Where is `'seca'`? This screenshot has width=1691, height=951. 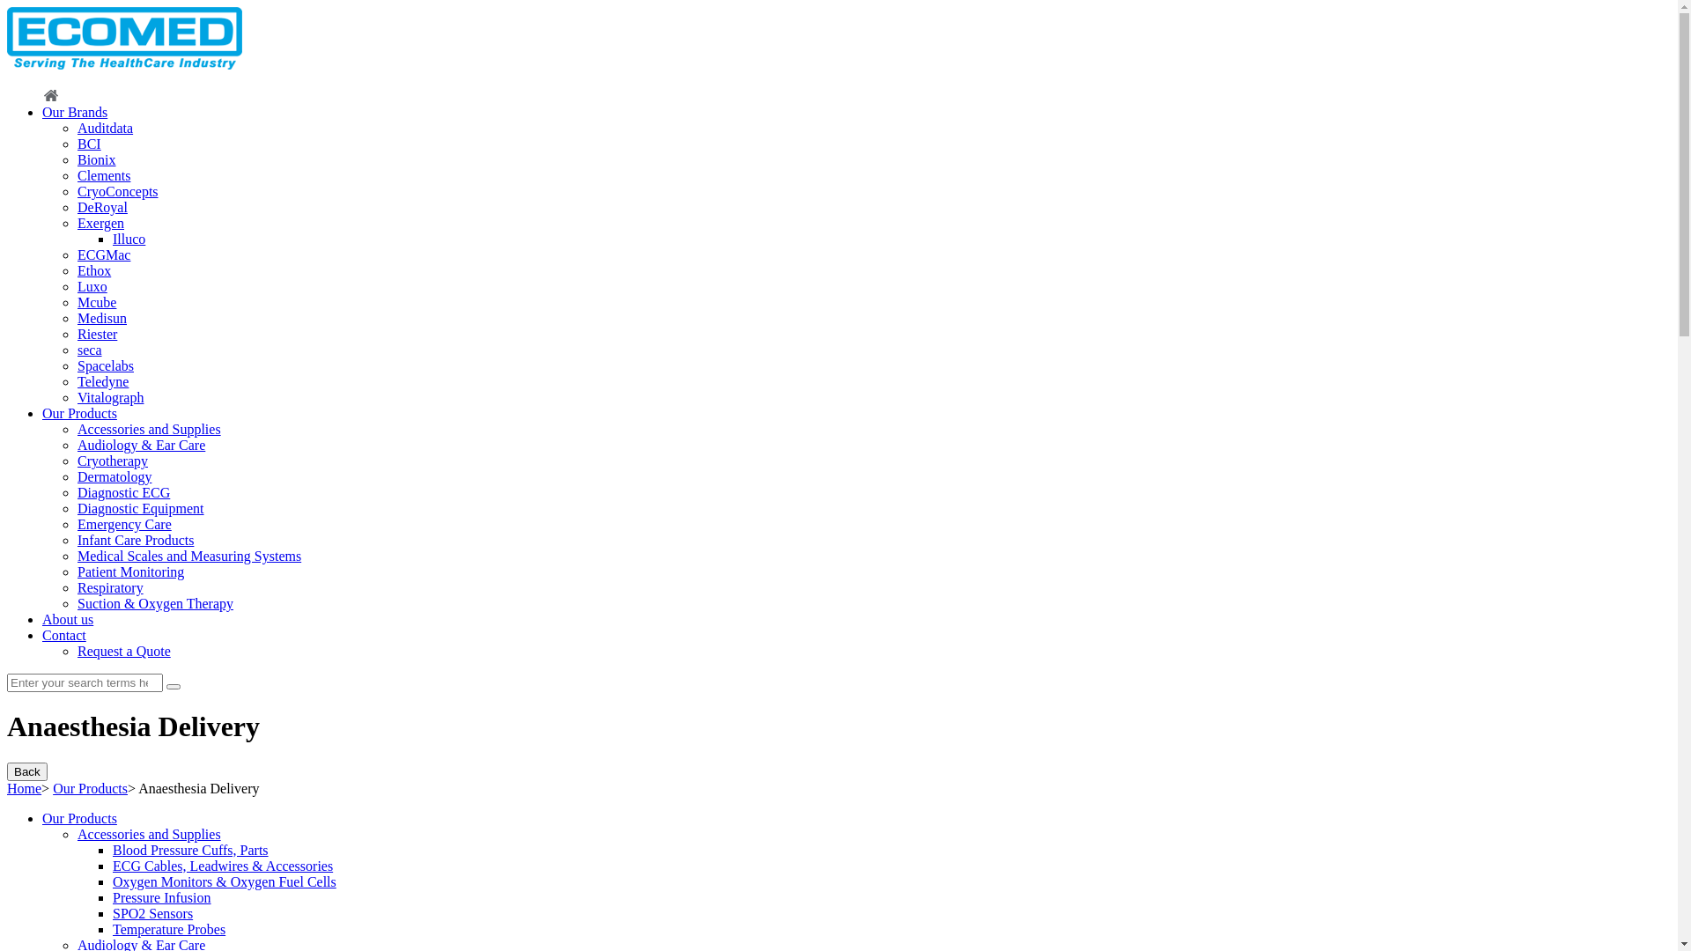
'seca' is located at coordinates (88, 350).